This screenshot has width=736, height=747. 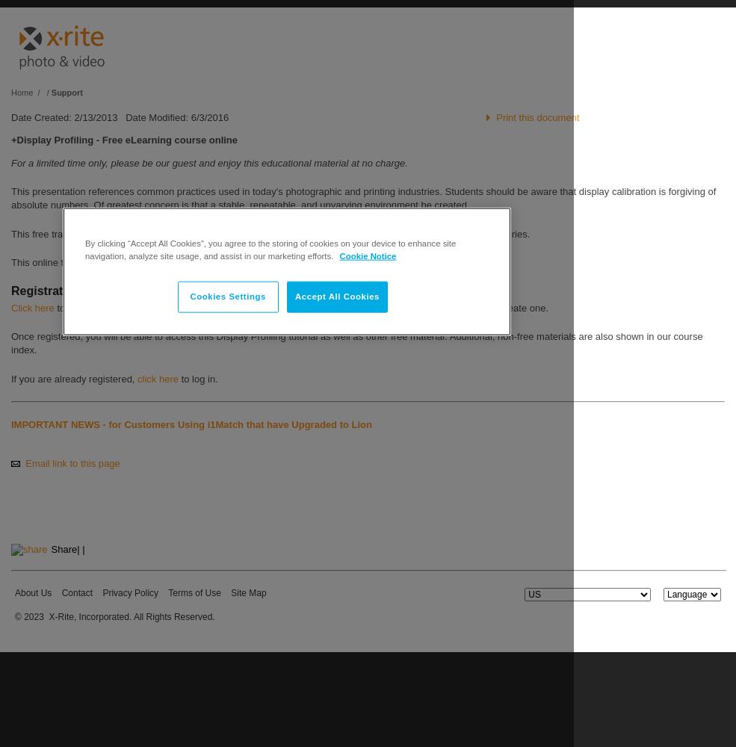 I want to click on '+Display Profiling - Free eLearning course online', so click(x=10, y=140).